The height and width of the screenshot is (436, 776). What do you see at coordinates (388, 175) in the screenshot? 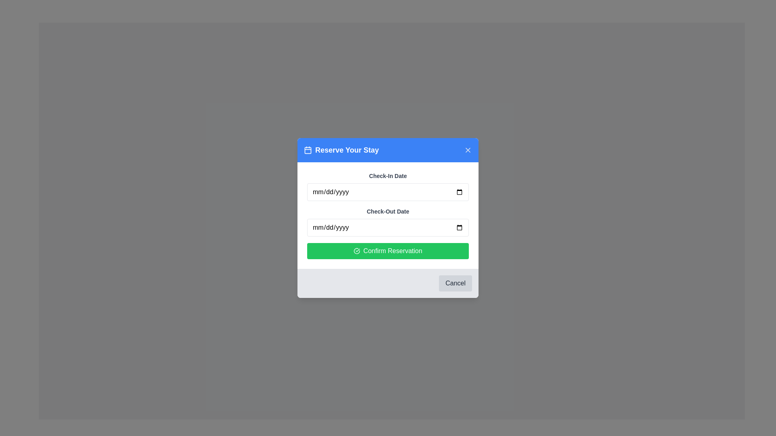
I see `the 'Check-In Date' text label, which is a bold, gray-colored label aligned at the top of the date input box in the 'Reserve Your Stay' modal` at bounding box center [388, 175].